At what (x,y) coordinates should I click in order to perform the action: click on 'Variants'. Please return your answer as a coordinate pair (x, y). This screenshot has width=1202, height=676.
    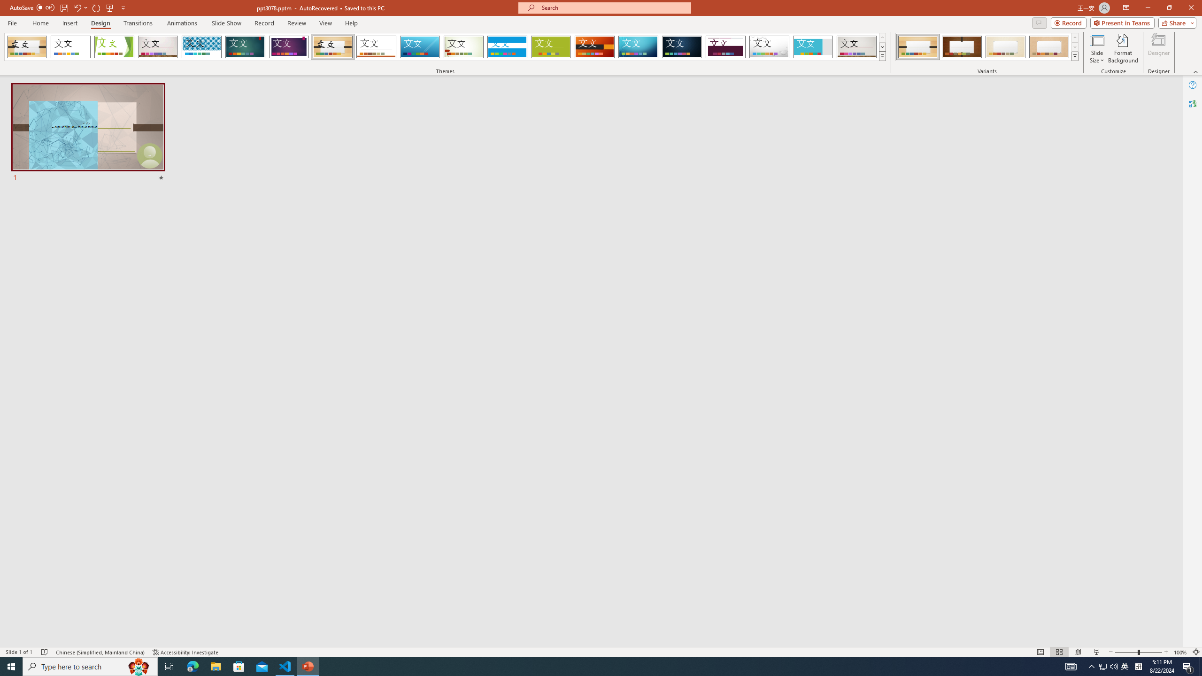
    Looking at the image, I should click on (1074, 55).